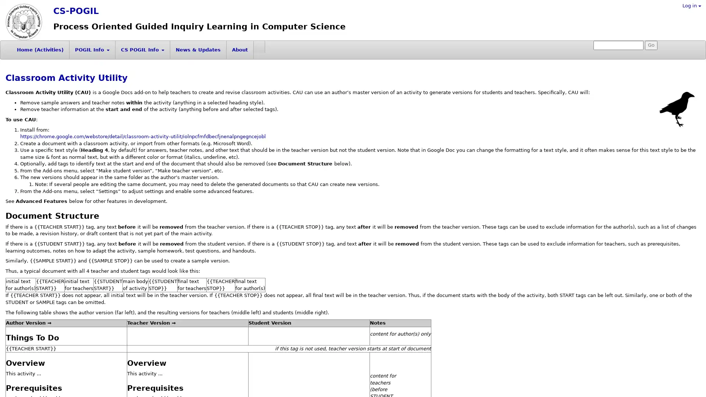 This screenshot has height=397, width=706. What do you see at coordinates (651, 45) in the screenshot?
I see `Go` at bounding box center [651, 45].